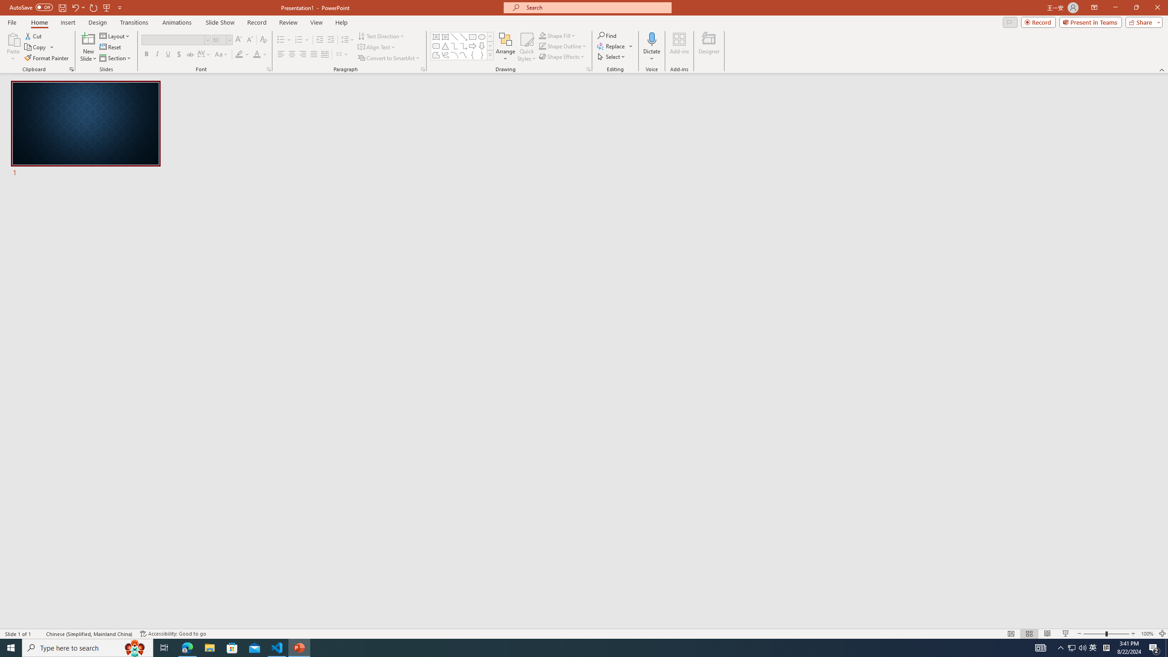 This screenshot has height=657, width=1168. What do you see at coordinates (146, 54) in the screenshot?
I see `'Bold'` at bounding box center [146, 54].